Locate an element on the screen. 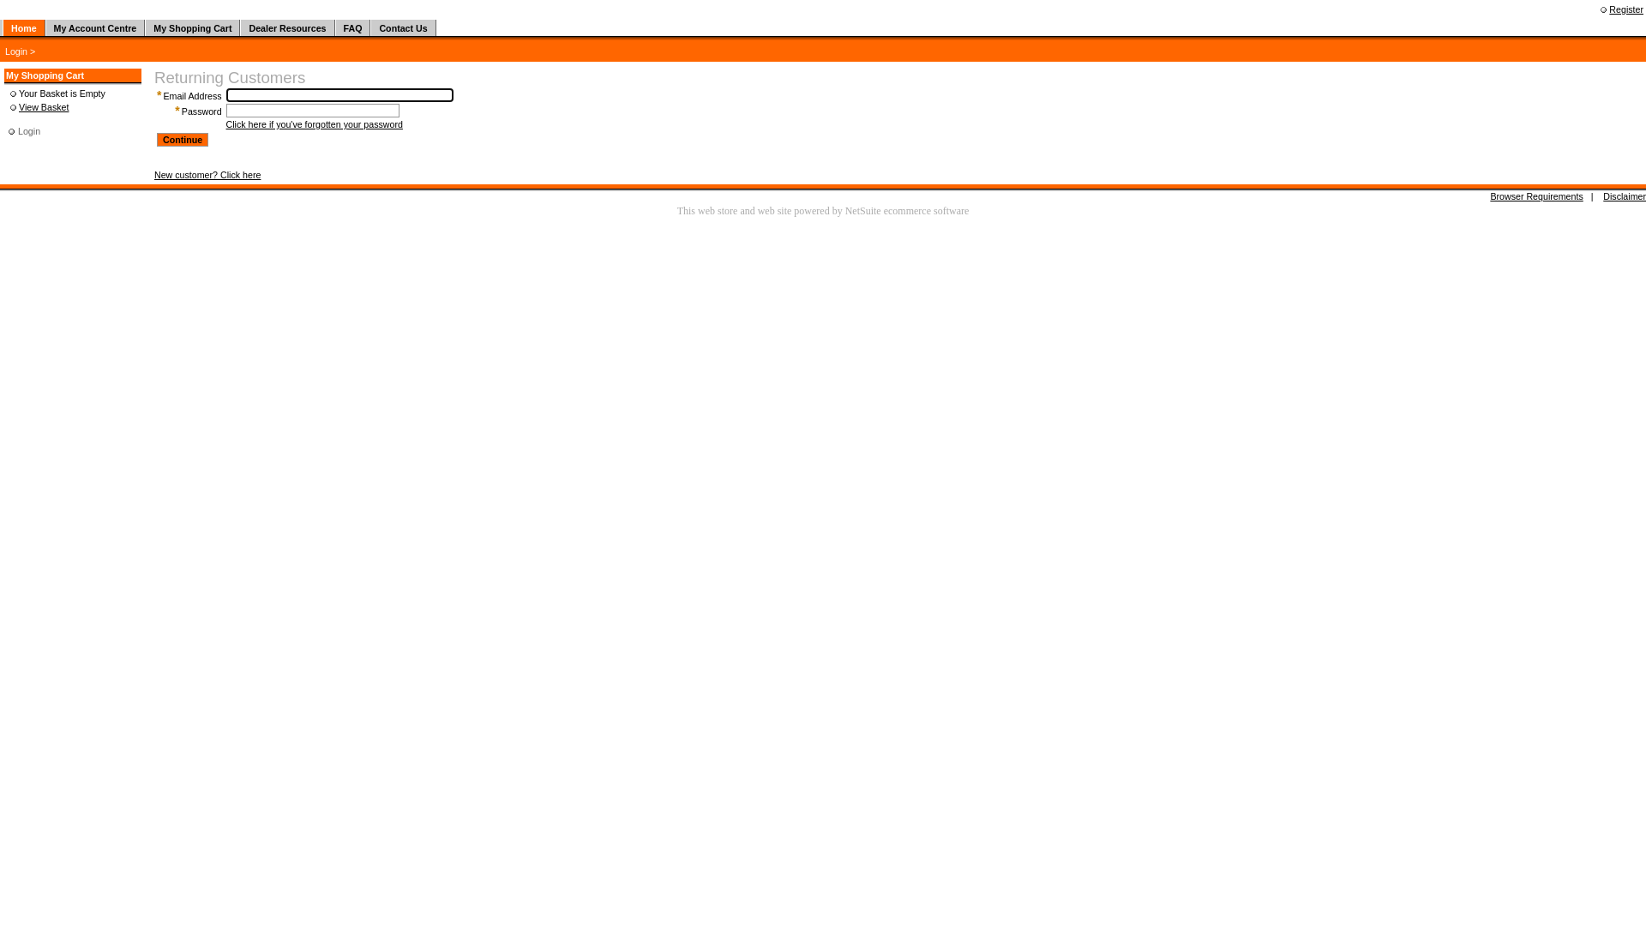  'Register' is located at coordinates (1625, 9).